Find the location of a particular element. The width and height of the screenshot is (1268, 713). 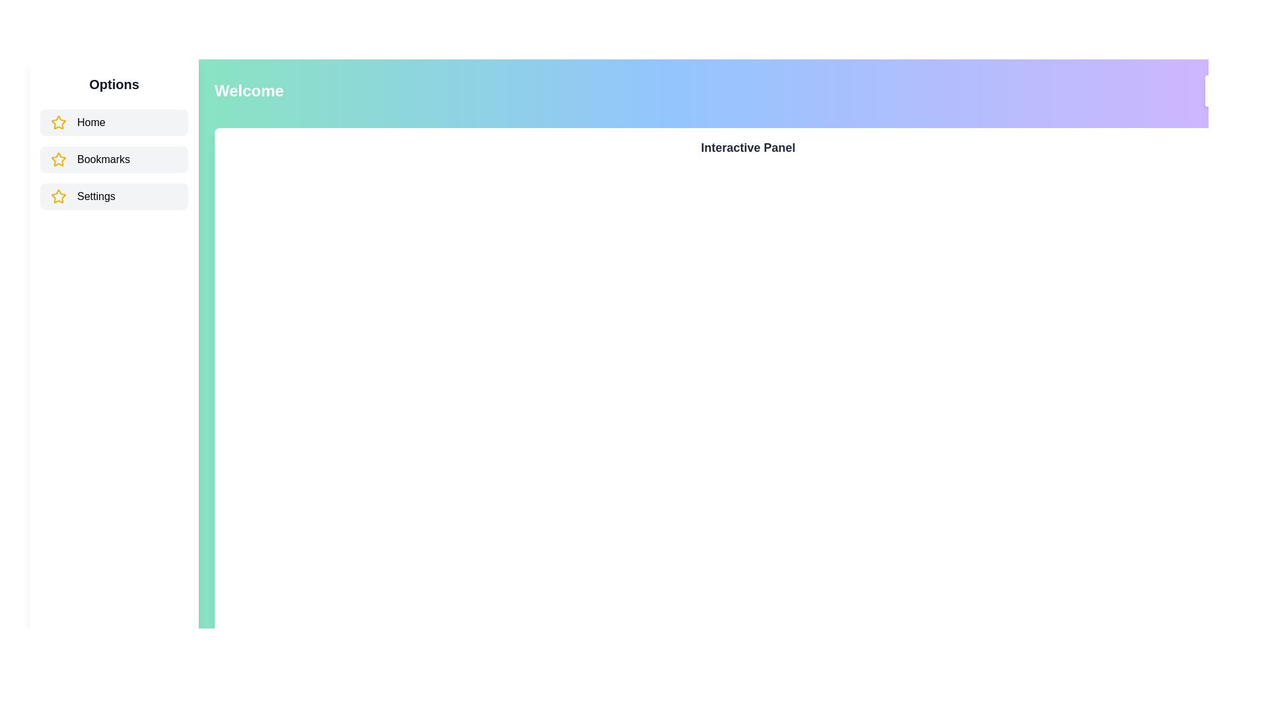

the star-shaped icon with a yellow fill color located in the sidebar, adjacent to the text 'Settings' is located at coordinates (58, 196).